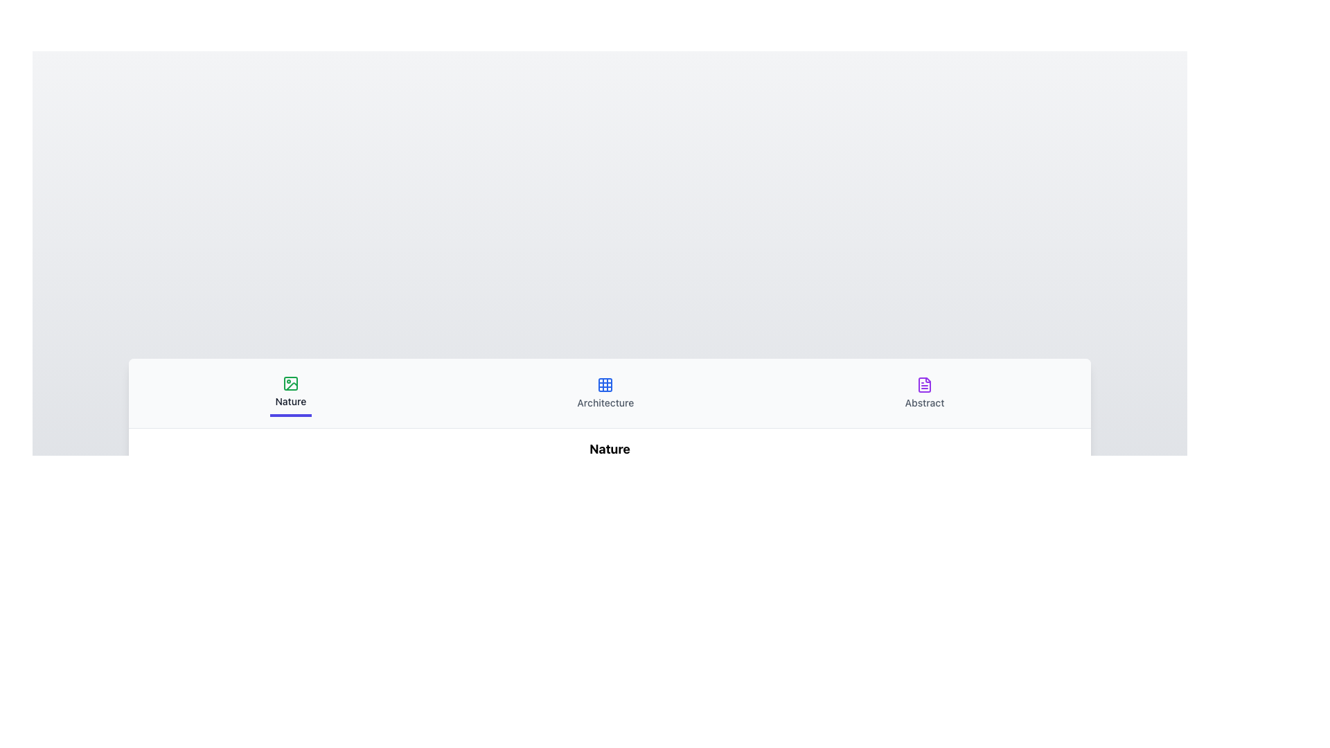 The image size is (1330, 748). Describe the element at coordinates (610, 449) in the screenshot. I see `the section that the bold, black text label displaying 'Nature' belongs to` at that location.